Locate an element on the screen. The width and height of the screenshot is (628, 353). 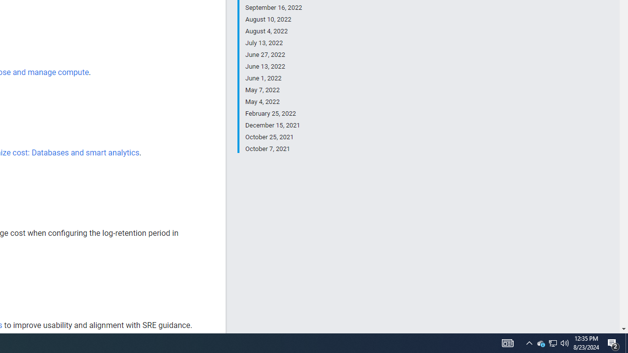
'May 7, 2022' is located at coordinates (273, 90).